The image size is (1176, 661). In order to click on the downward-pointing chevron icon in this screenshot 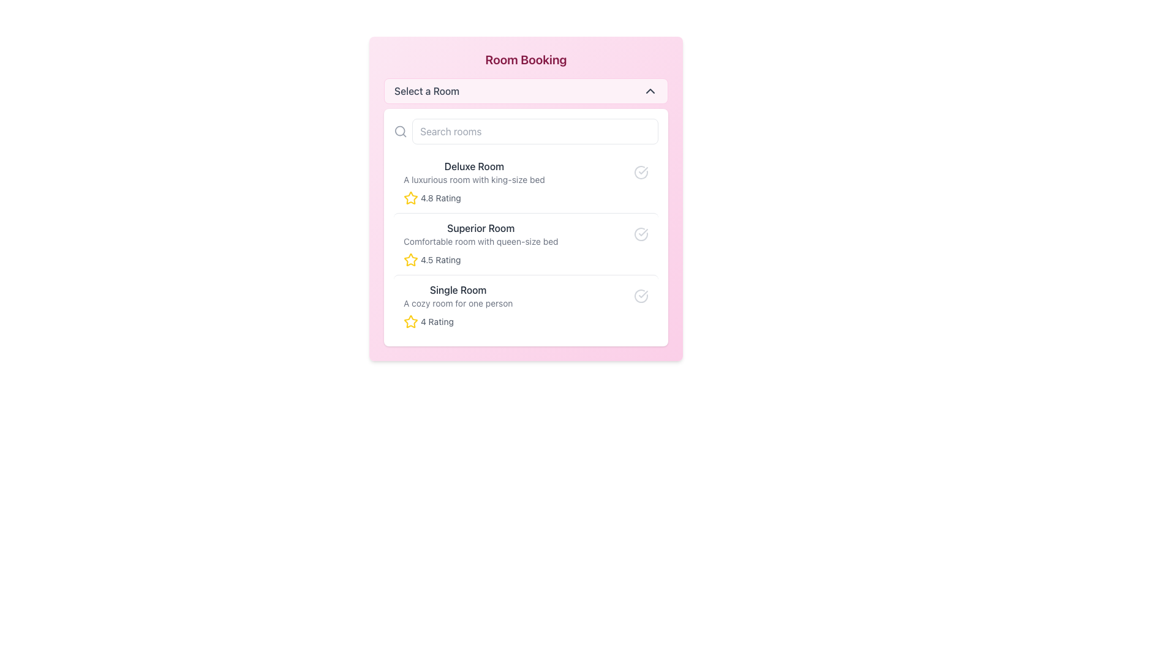, I will do `click(649, 91)`.